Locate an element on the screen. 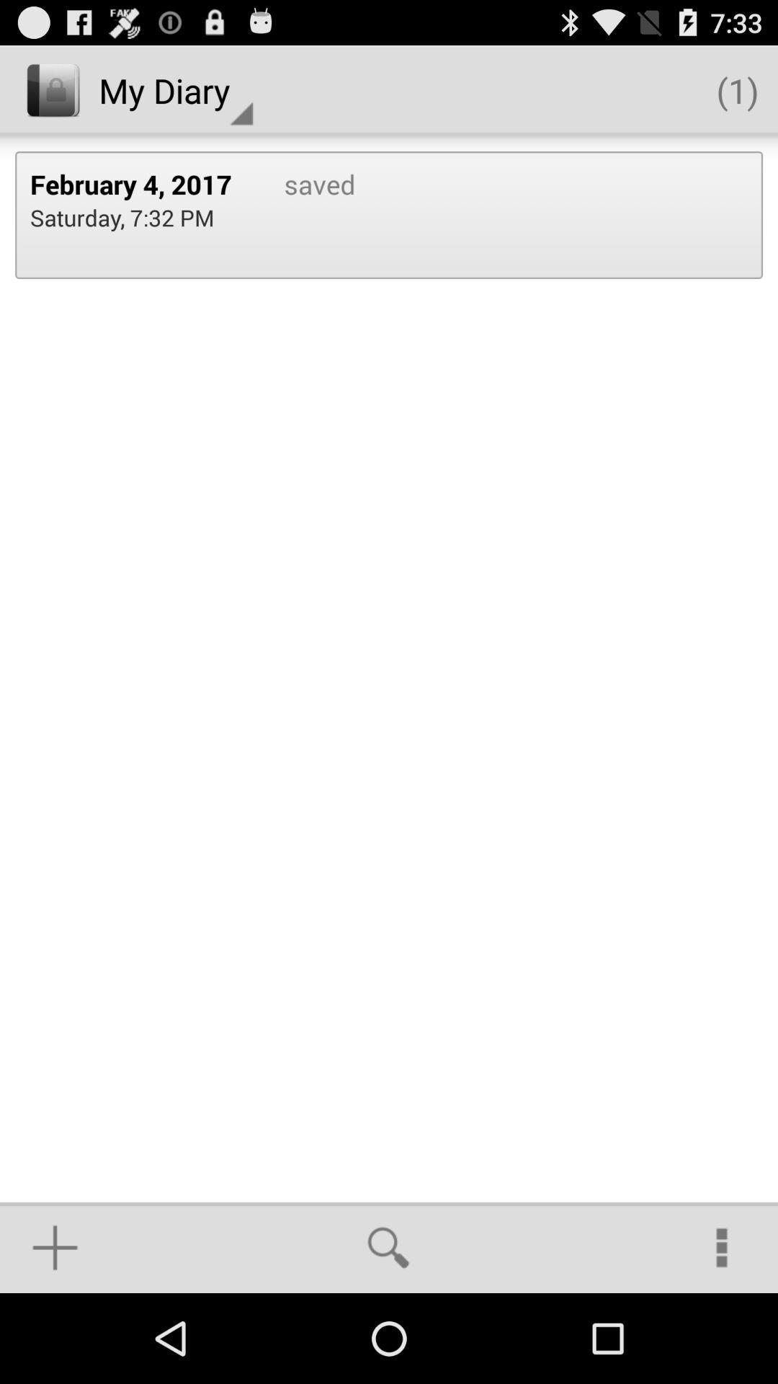  saved item is located at coordinates (304, 214).